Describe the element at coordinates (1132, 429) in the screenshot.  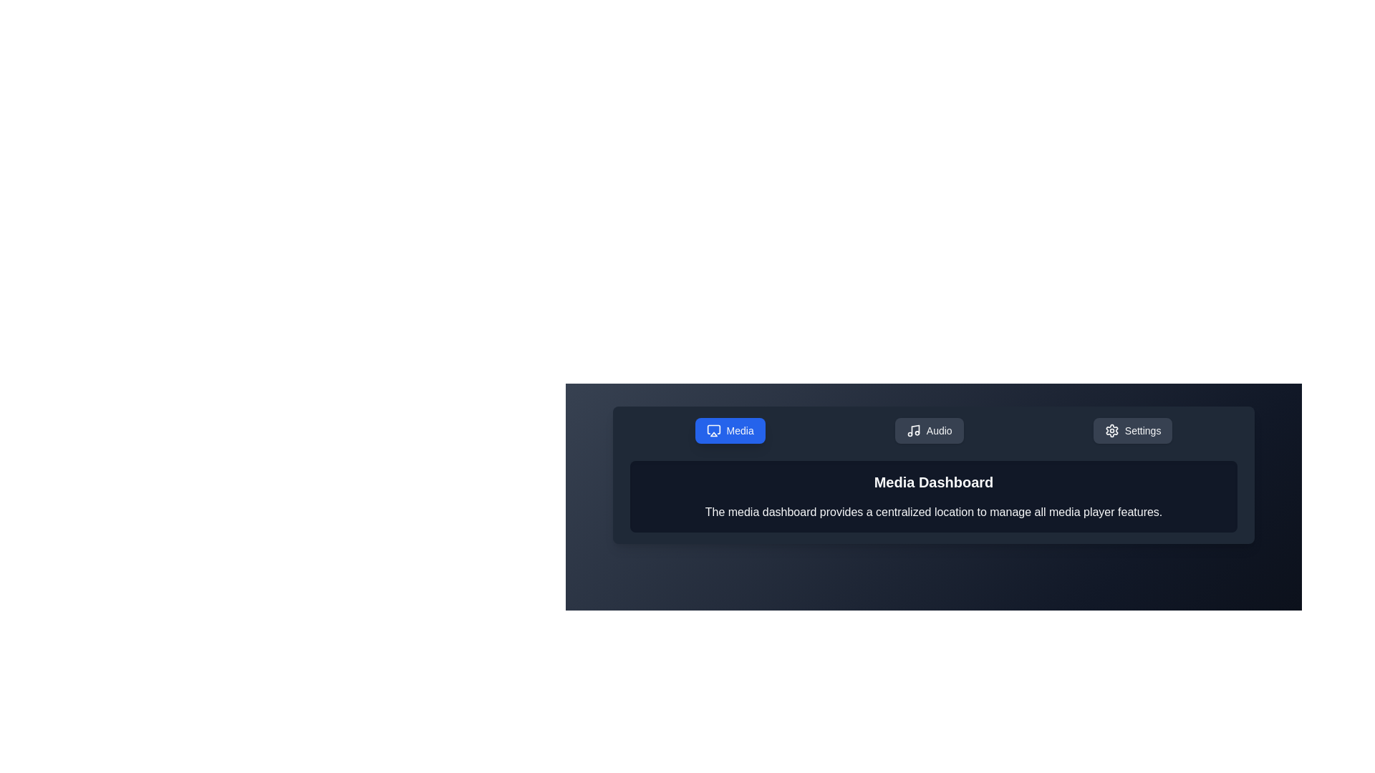
I see `the third button in the horizontal grouping at the top-right corner of the interface` at that location.